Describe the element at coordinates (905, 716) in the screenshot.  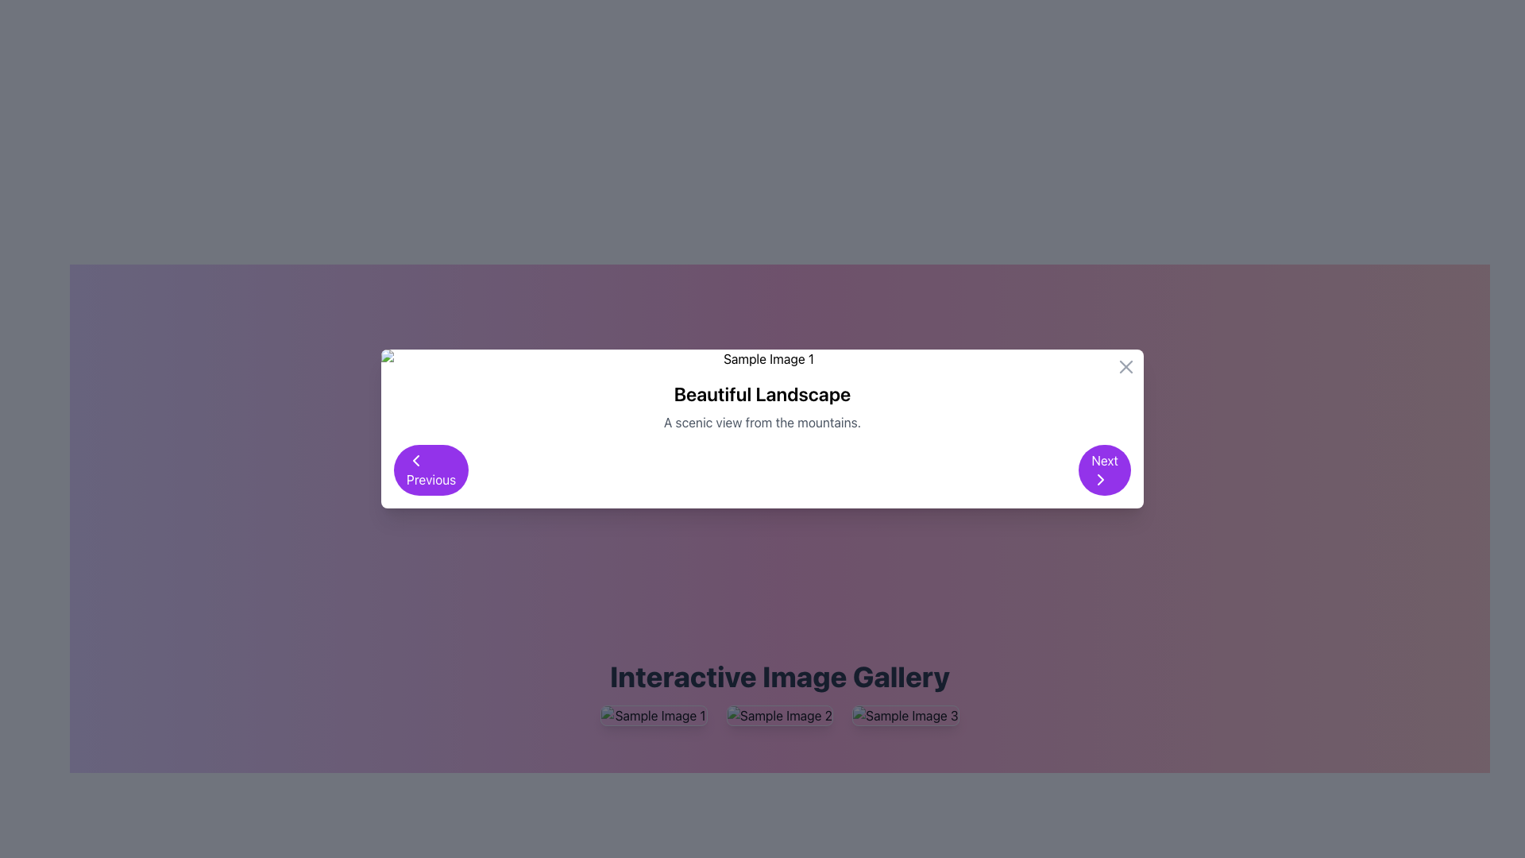
I see `the image thumbnail labeled 'Sample Image 3' in the third column of the interactive image gallery to trigger style changes` at that location.